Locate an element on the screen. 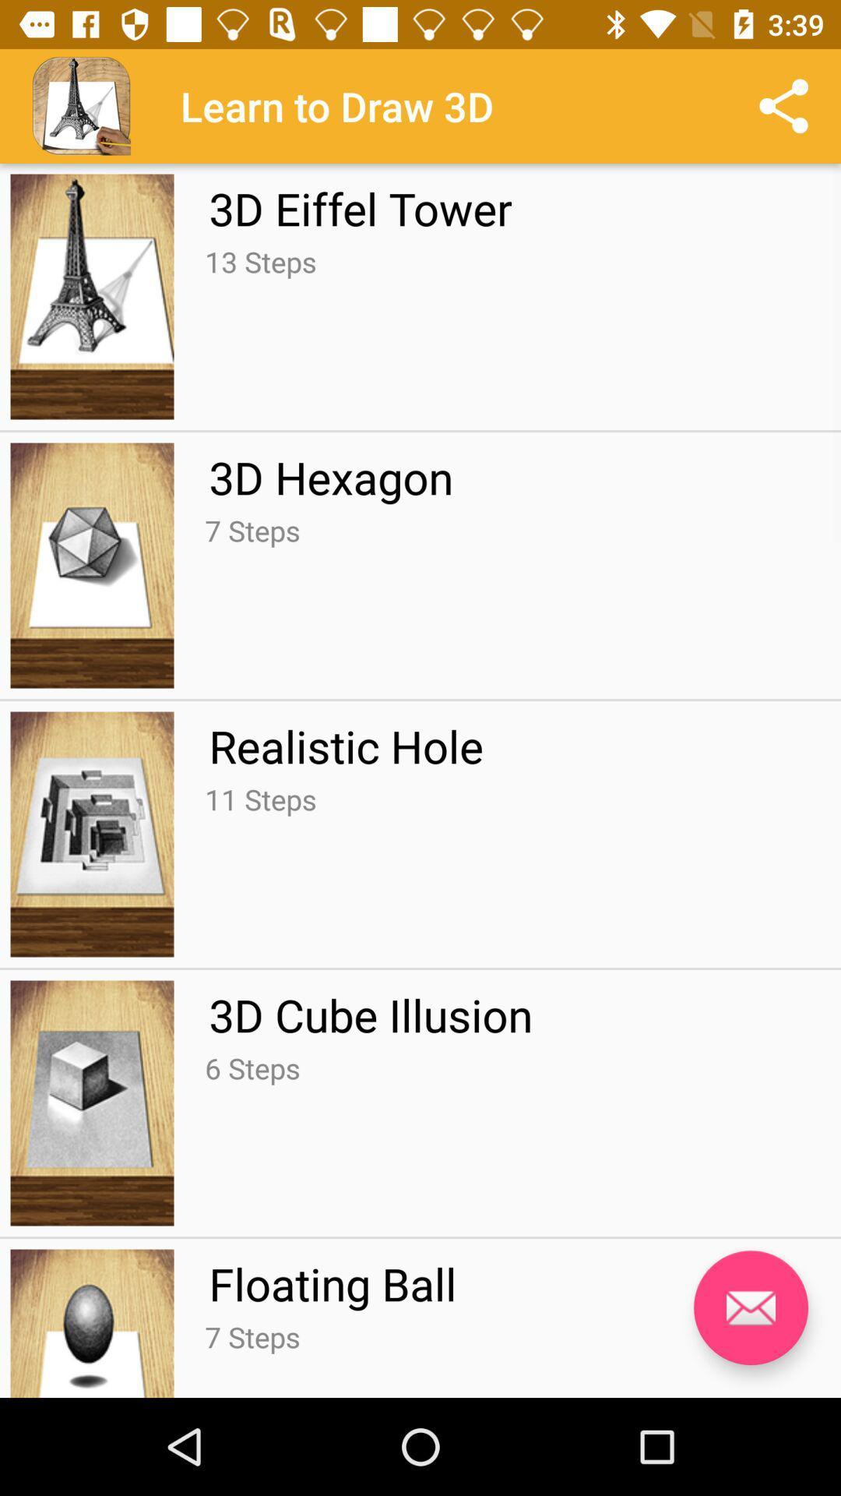 The height and width of the screenshot is (1496, 841). item below 6 steps item is located at coordinates (332, 1283).